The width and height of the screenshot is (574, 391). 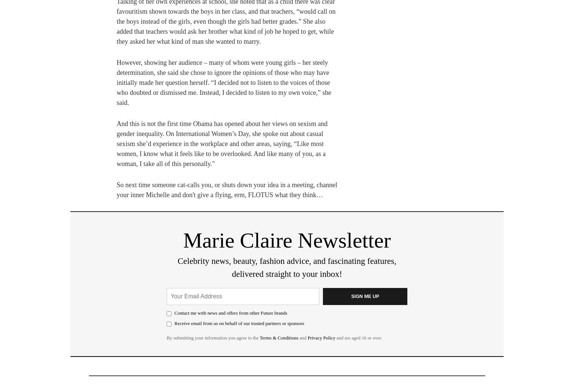 What do you see at coordinates (227, 190) in the screenshot?
I see `'So next time someone cat-calls you, or shuts down your idea in a meeting, channel your inner Michelle and don't give a flying, erm, FLOTUS what they think…'` at bounding box center [227, 190].